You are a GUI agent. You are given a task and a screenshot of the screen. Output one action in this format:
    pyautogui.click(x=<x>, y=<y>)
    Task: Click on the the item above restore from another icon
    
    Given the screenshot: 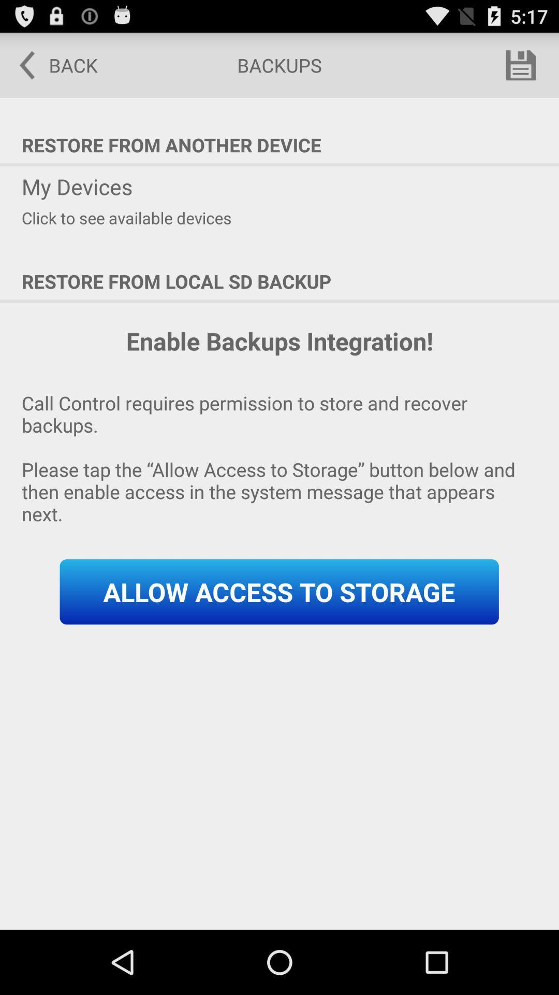 What is the action you would take?
    pyautogui.click(x=51, y=64)
    